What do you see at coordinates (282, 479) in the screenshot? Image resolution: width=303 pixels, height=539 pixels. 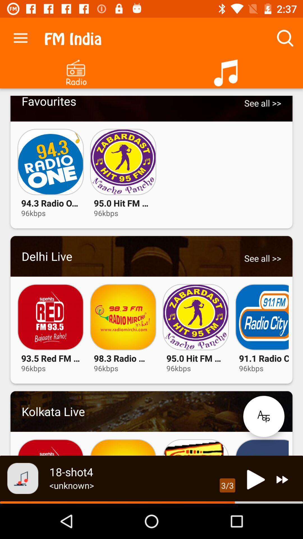 I see `the av_forward icon` at bounding box center [282, 479].